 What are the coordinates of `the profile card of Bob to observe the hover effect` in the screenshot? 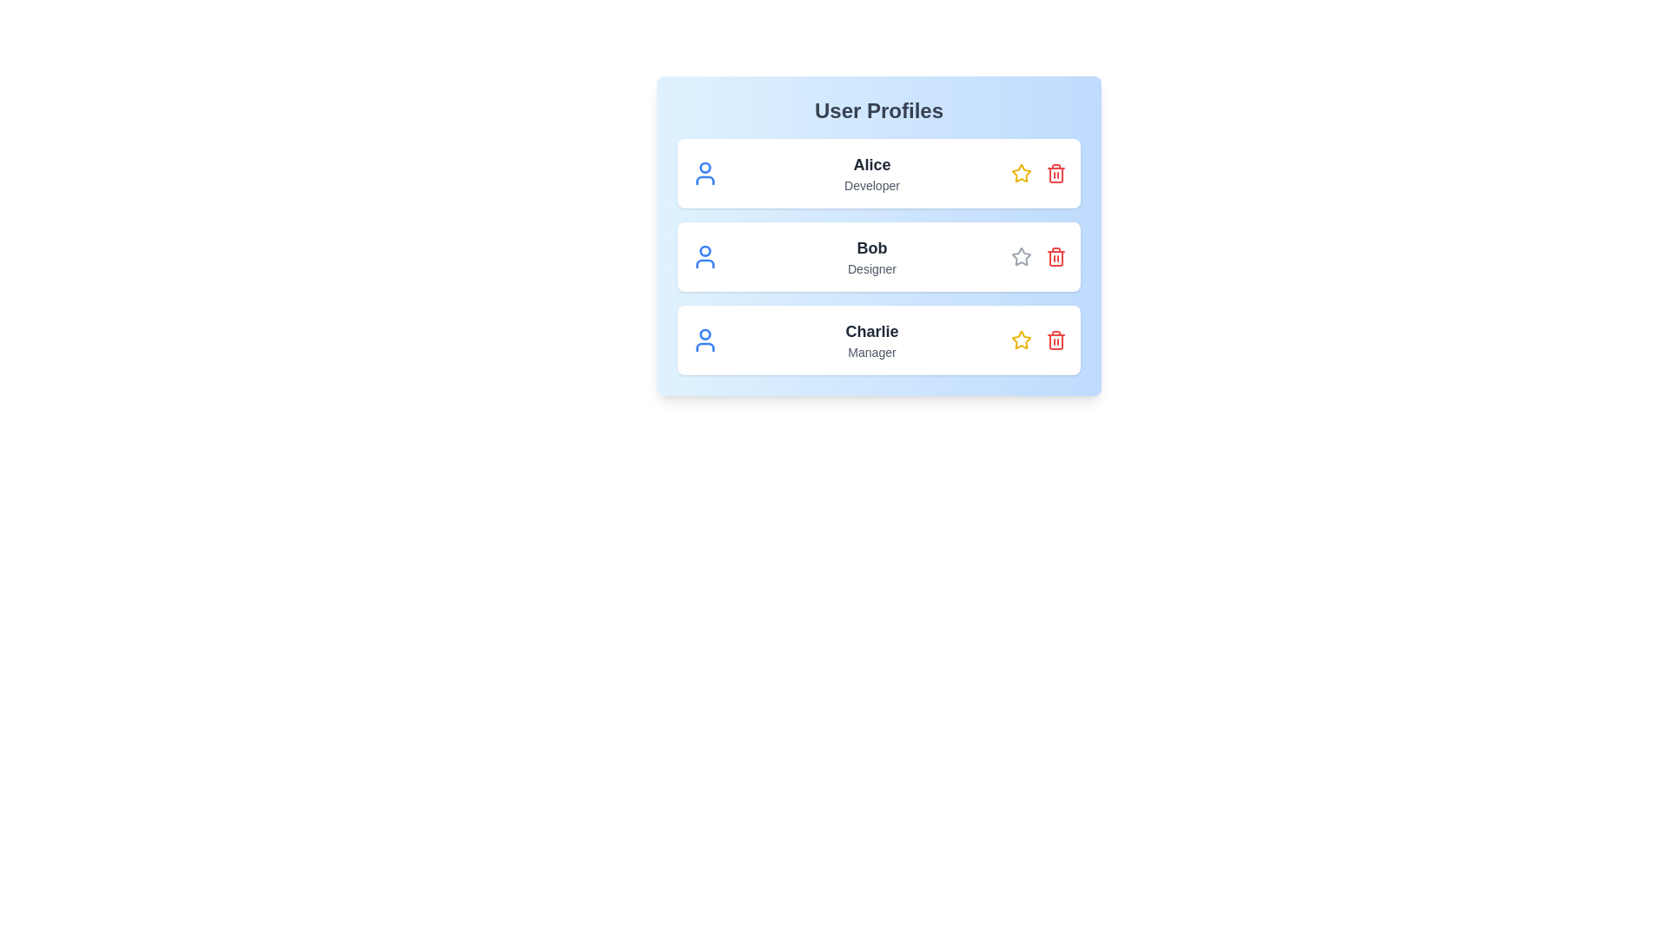 It's located at (879, 257).